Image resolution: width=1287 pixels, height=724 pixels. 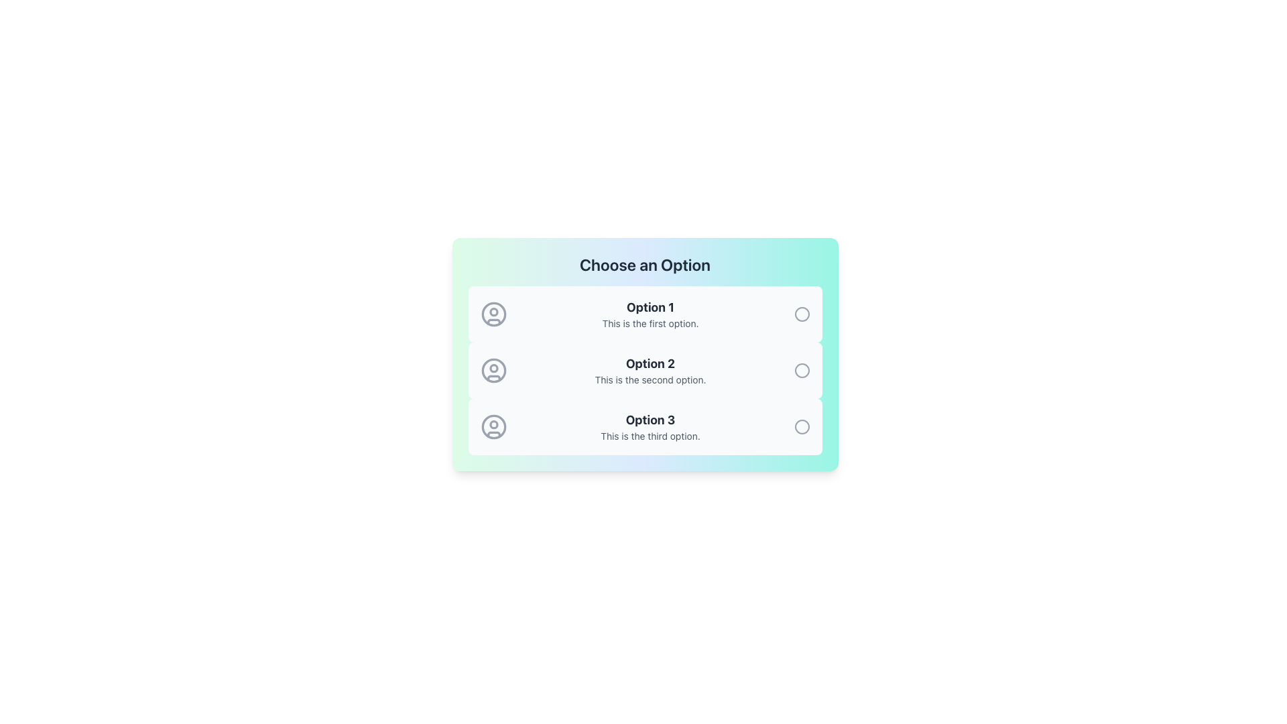 I want to click on the text label that serves as the title for the second option in the list, located below 'Choose an Option' and above the description 'This is the second option.', so click(x=650, y=364).